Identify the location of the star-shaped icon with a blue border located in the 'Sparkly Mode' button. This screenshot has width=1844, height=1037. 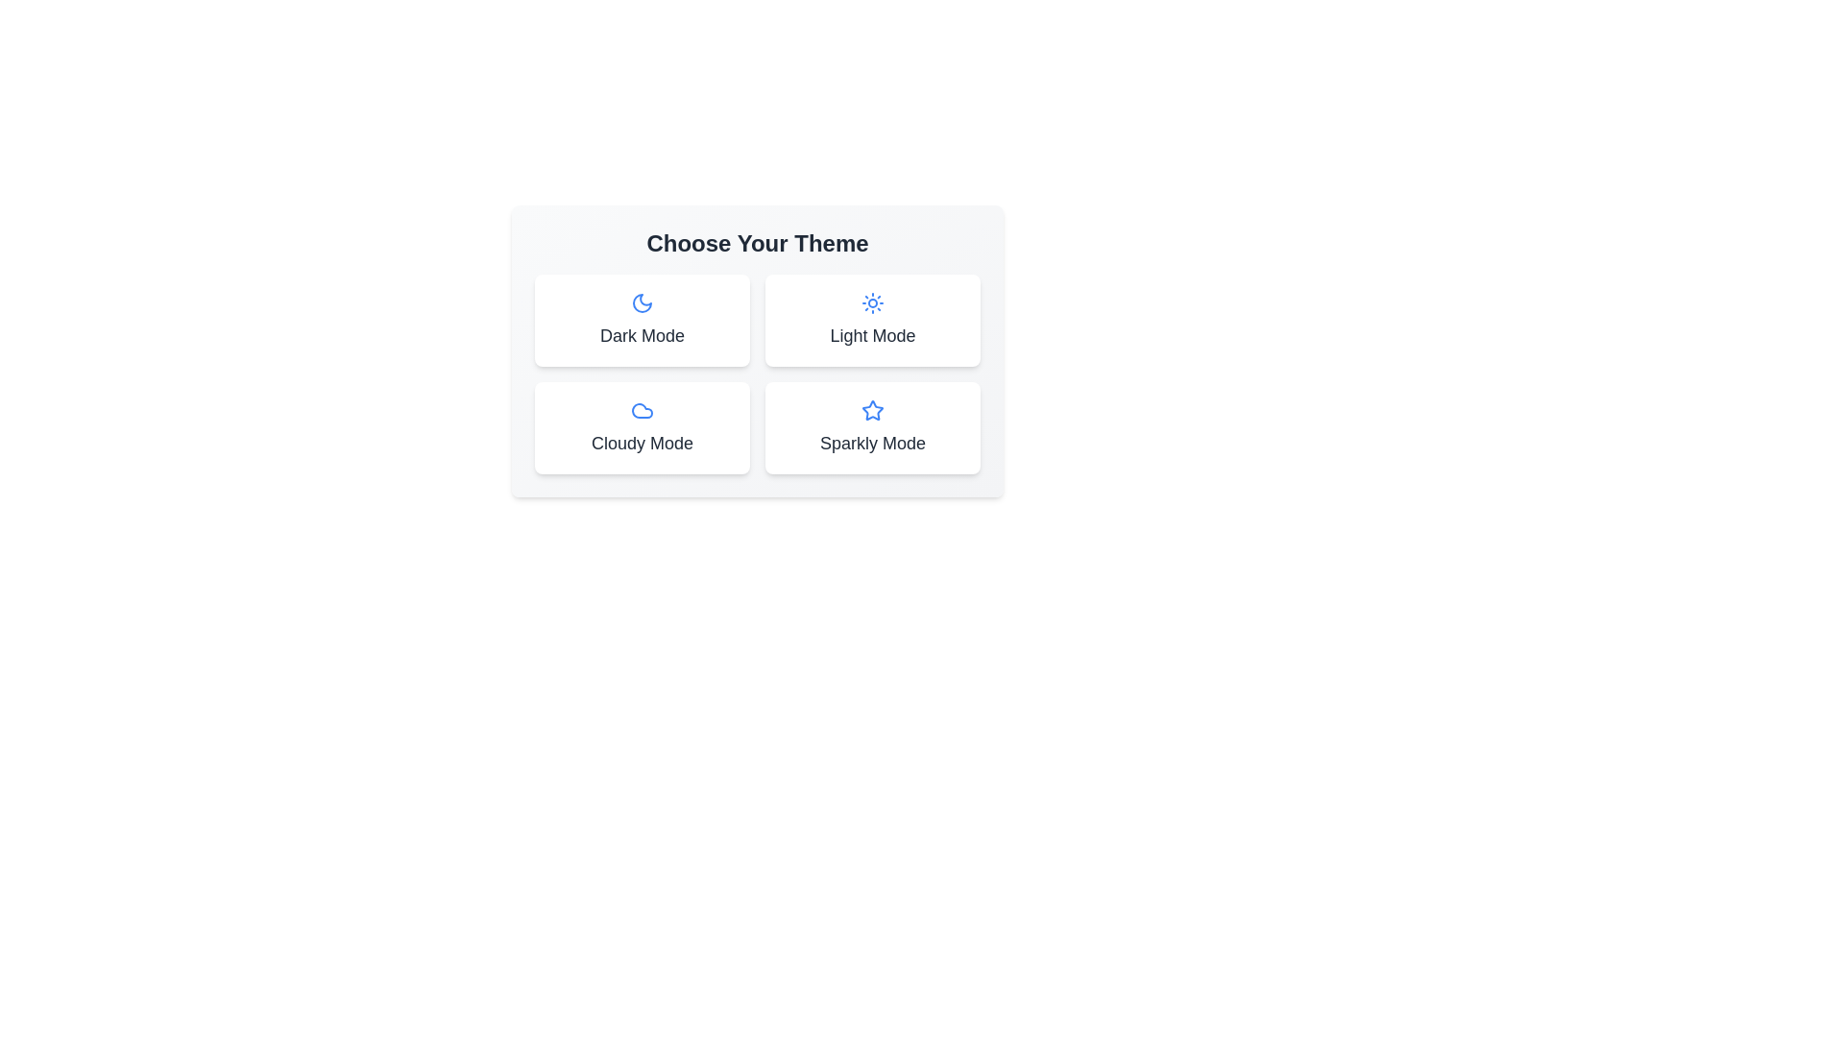
(871, 409).